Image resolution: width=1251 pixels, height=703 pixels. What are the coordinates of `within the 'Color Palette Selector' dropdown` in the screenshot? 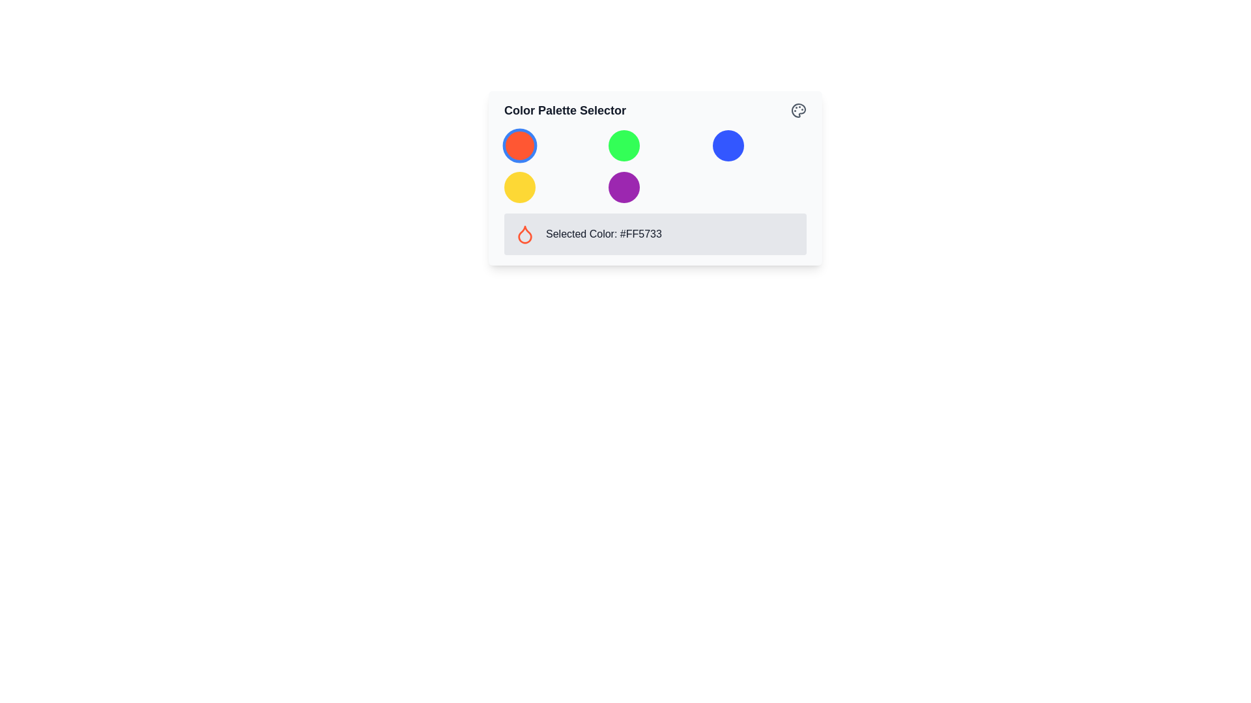 It's located at (655, 178).